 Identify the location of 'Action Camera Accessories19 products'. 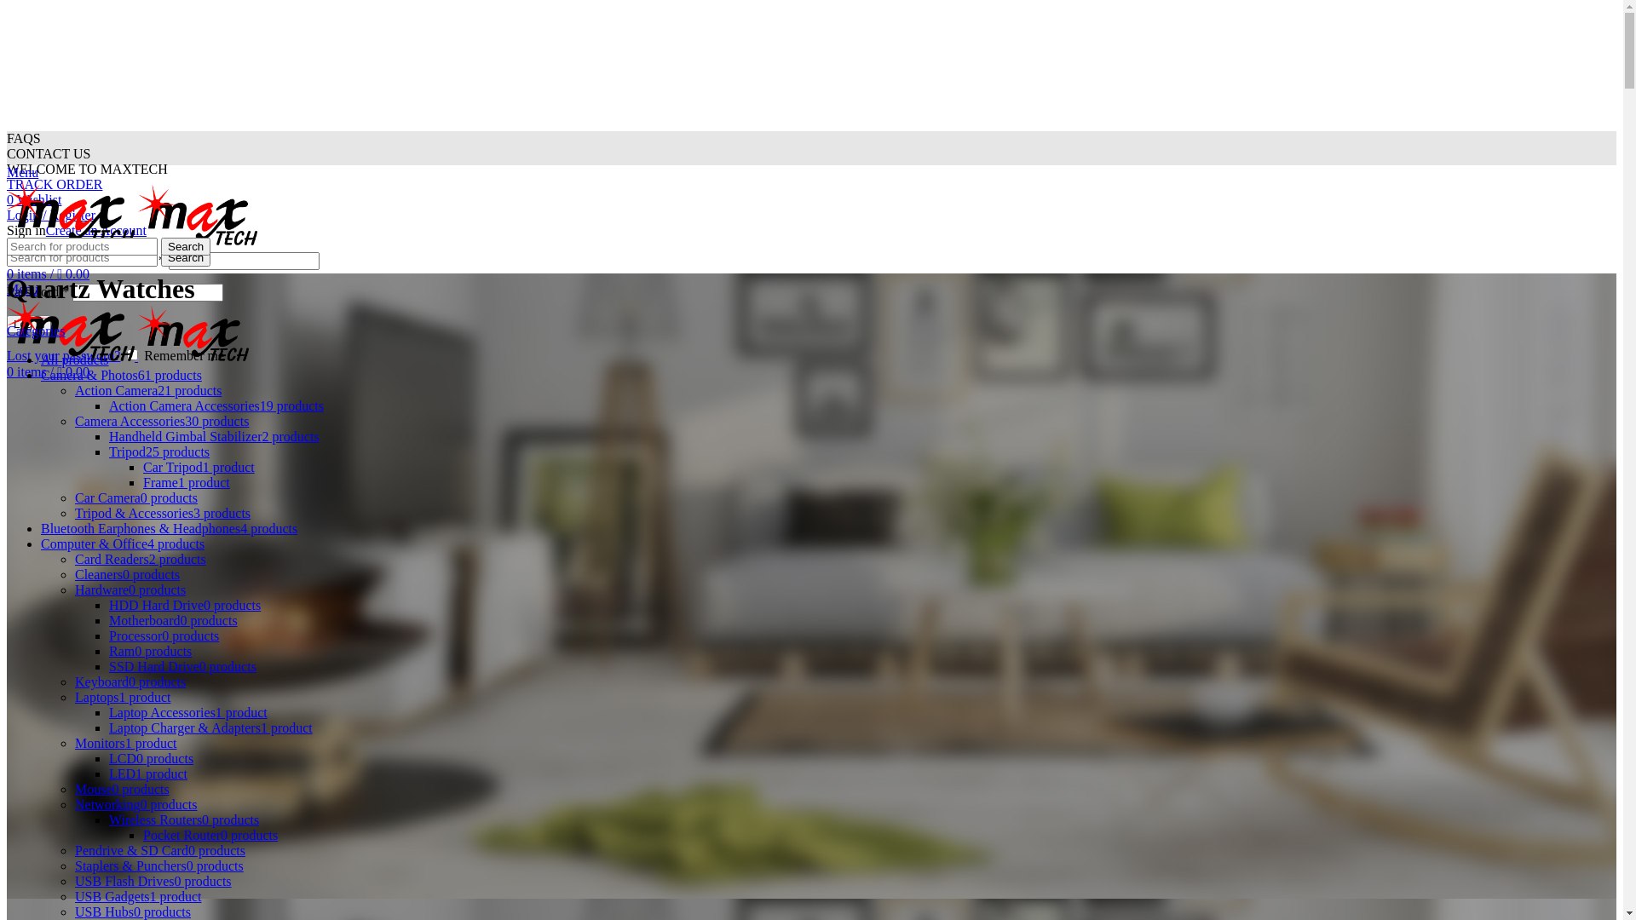
(216, 405).